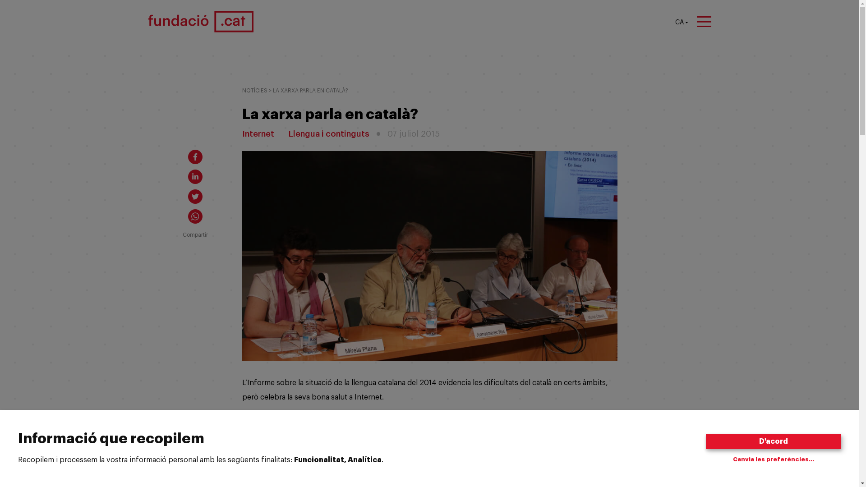 The width and height of the screenshot is (866, 487). I want to click on 'Llengua i continguts', so click(328, 134).